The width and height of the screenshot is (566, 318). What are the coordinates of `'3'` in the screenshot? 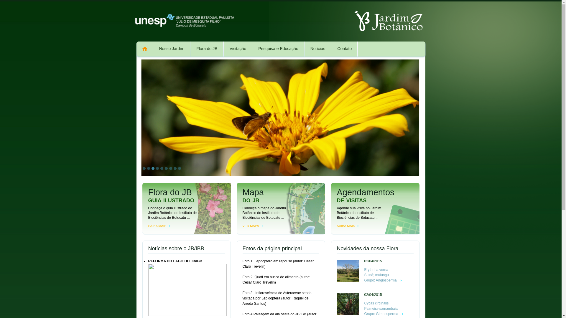 It's located at (153, 168).